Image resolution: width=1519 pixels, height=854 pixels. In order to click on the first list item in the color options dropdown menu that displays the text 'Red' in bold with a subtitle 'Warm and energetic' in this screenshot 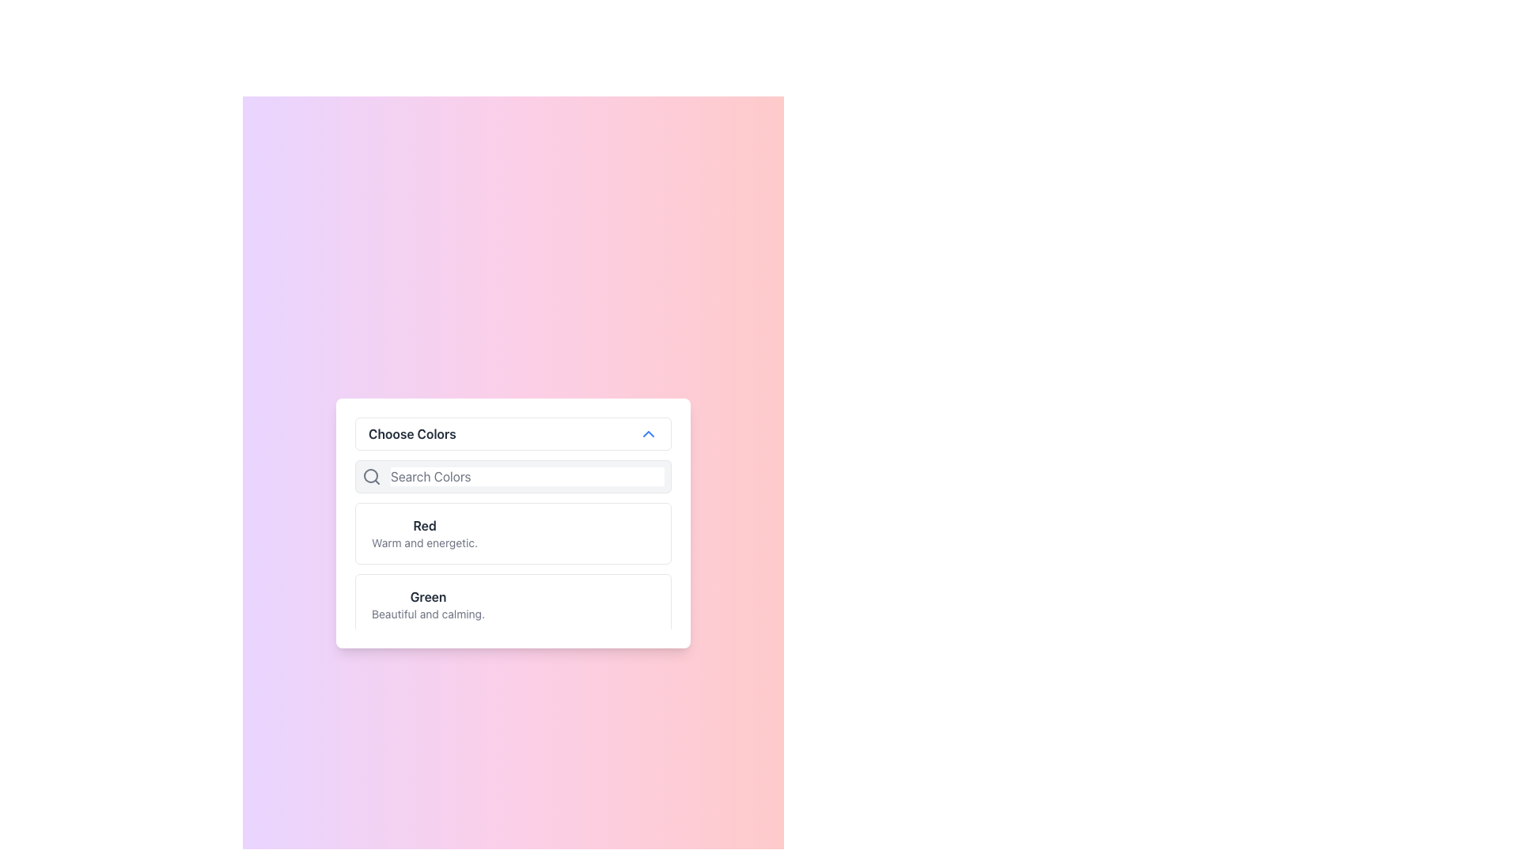, I will do `click(513, 534)`.